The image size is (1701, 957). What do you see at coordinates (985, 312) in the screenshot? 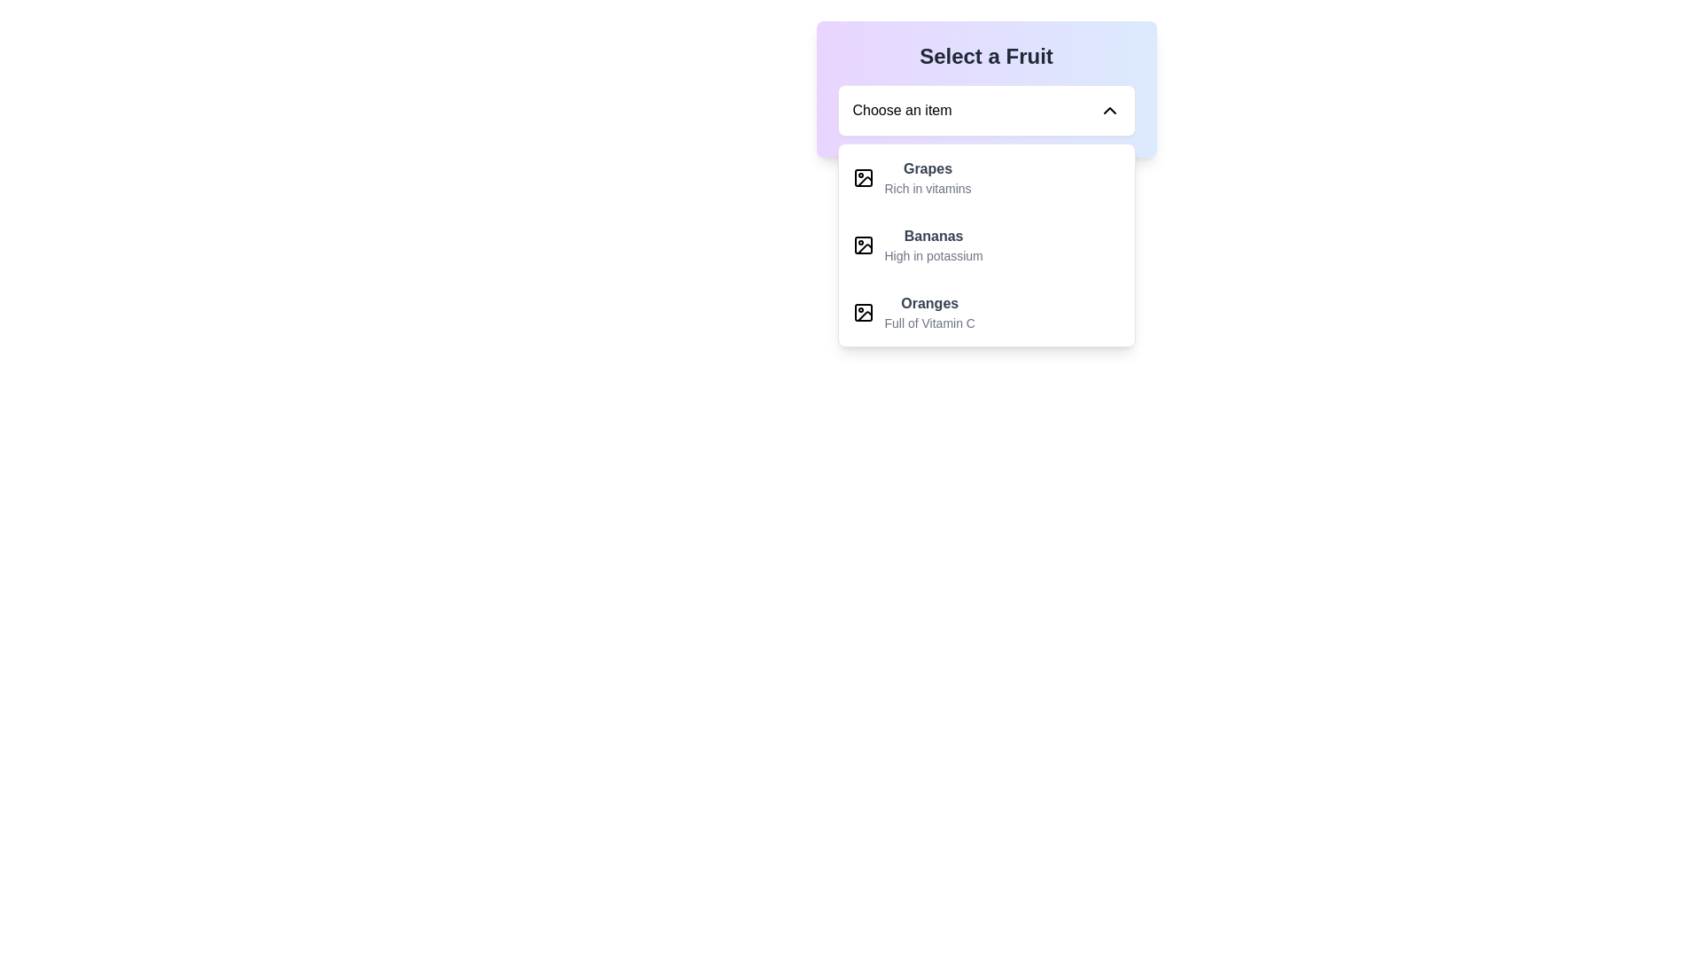
I see `the list item displaying 'Oranges' in bold with a subtitle 'Full of Vitamin C' in the dropdown menu under 'Select a Fruit'` at bounding box center [985, 312].